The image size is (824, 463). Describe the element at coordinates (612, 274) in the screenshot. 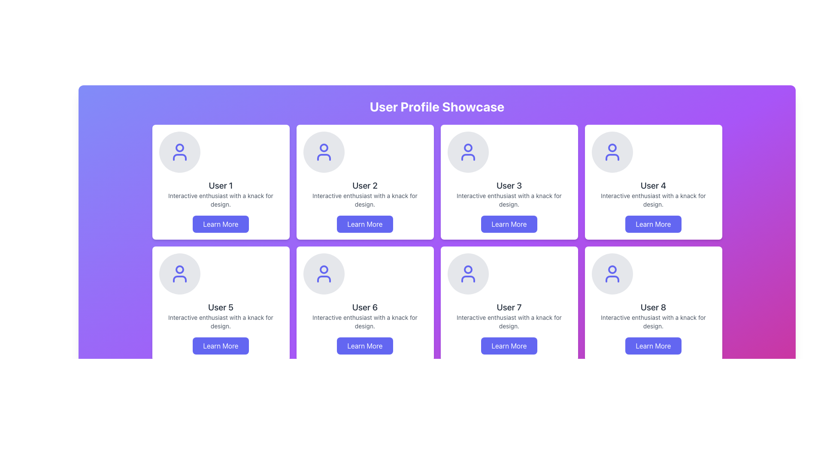

I see `the circular user silhouette icon at the top center of the card layout for 'User 8', which is styled in blue on a light gray background` at that location.